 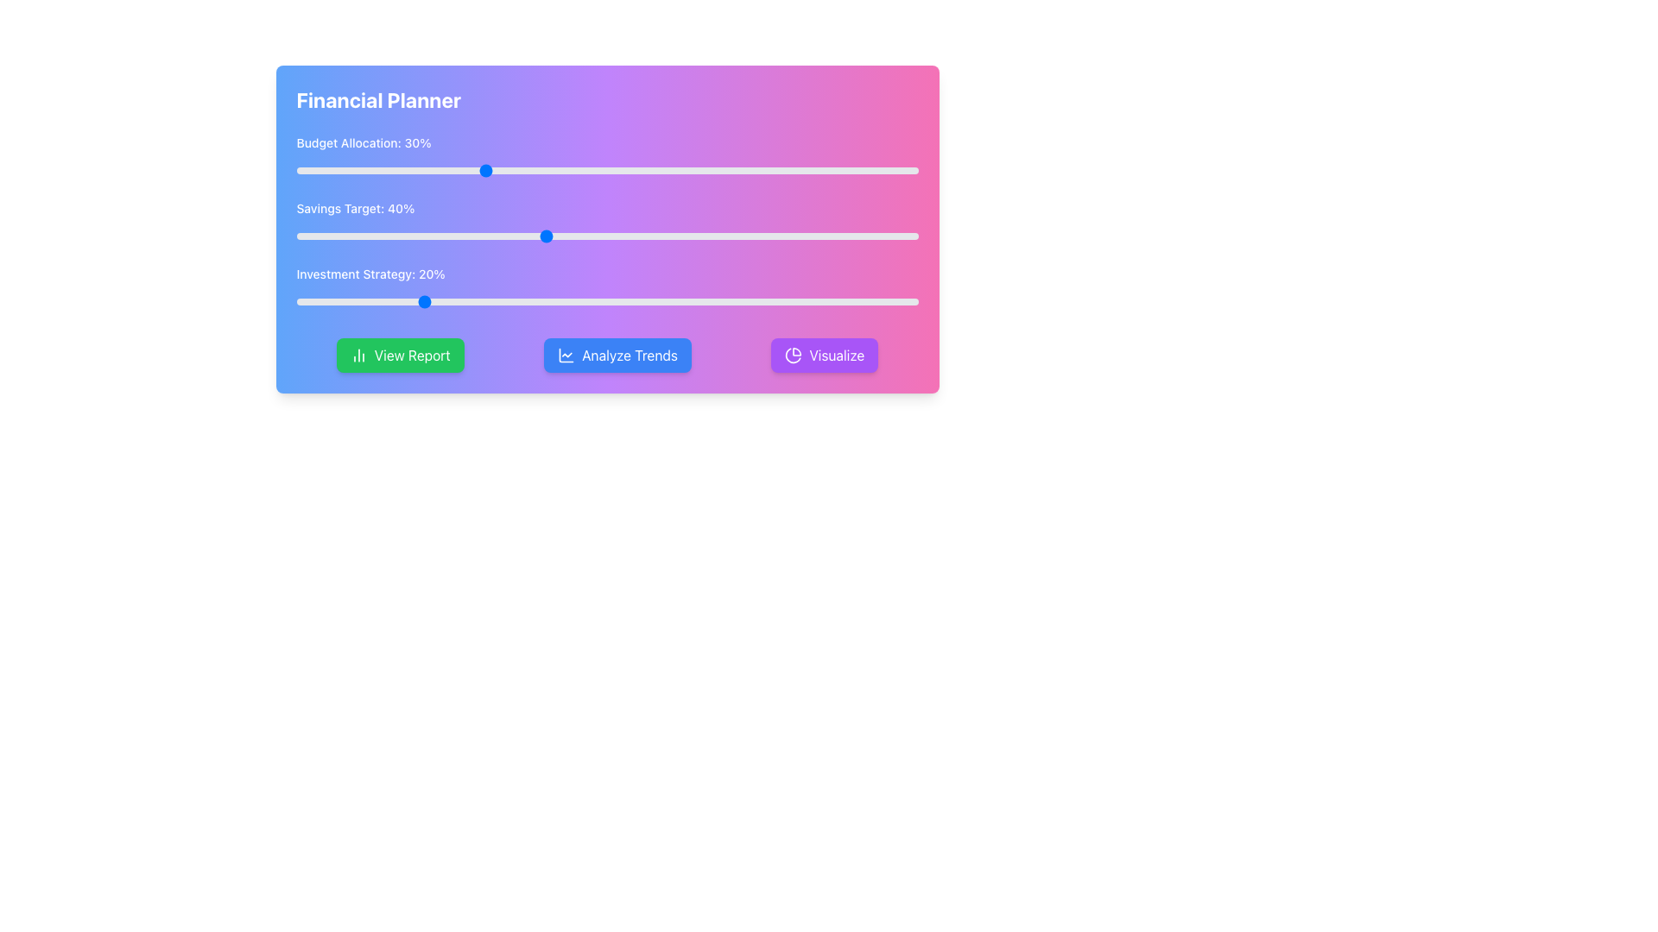 I want to click on the slider value, so click(x=315, y=170).